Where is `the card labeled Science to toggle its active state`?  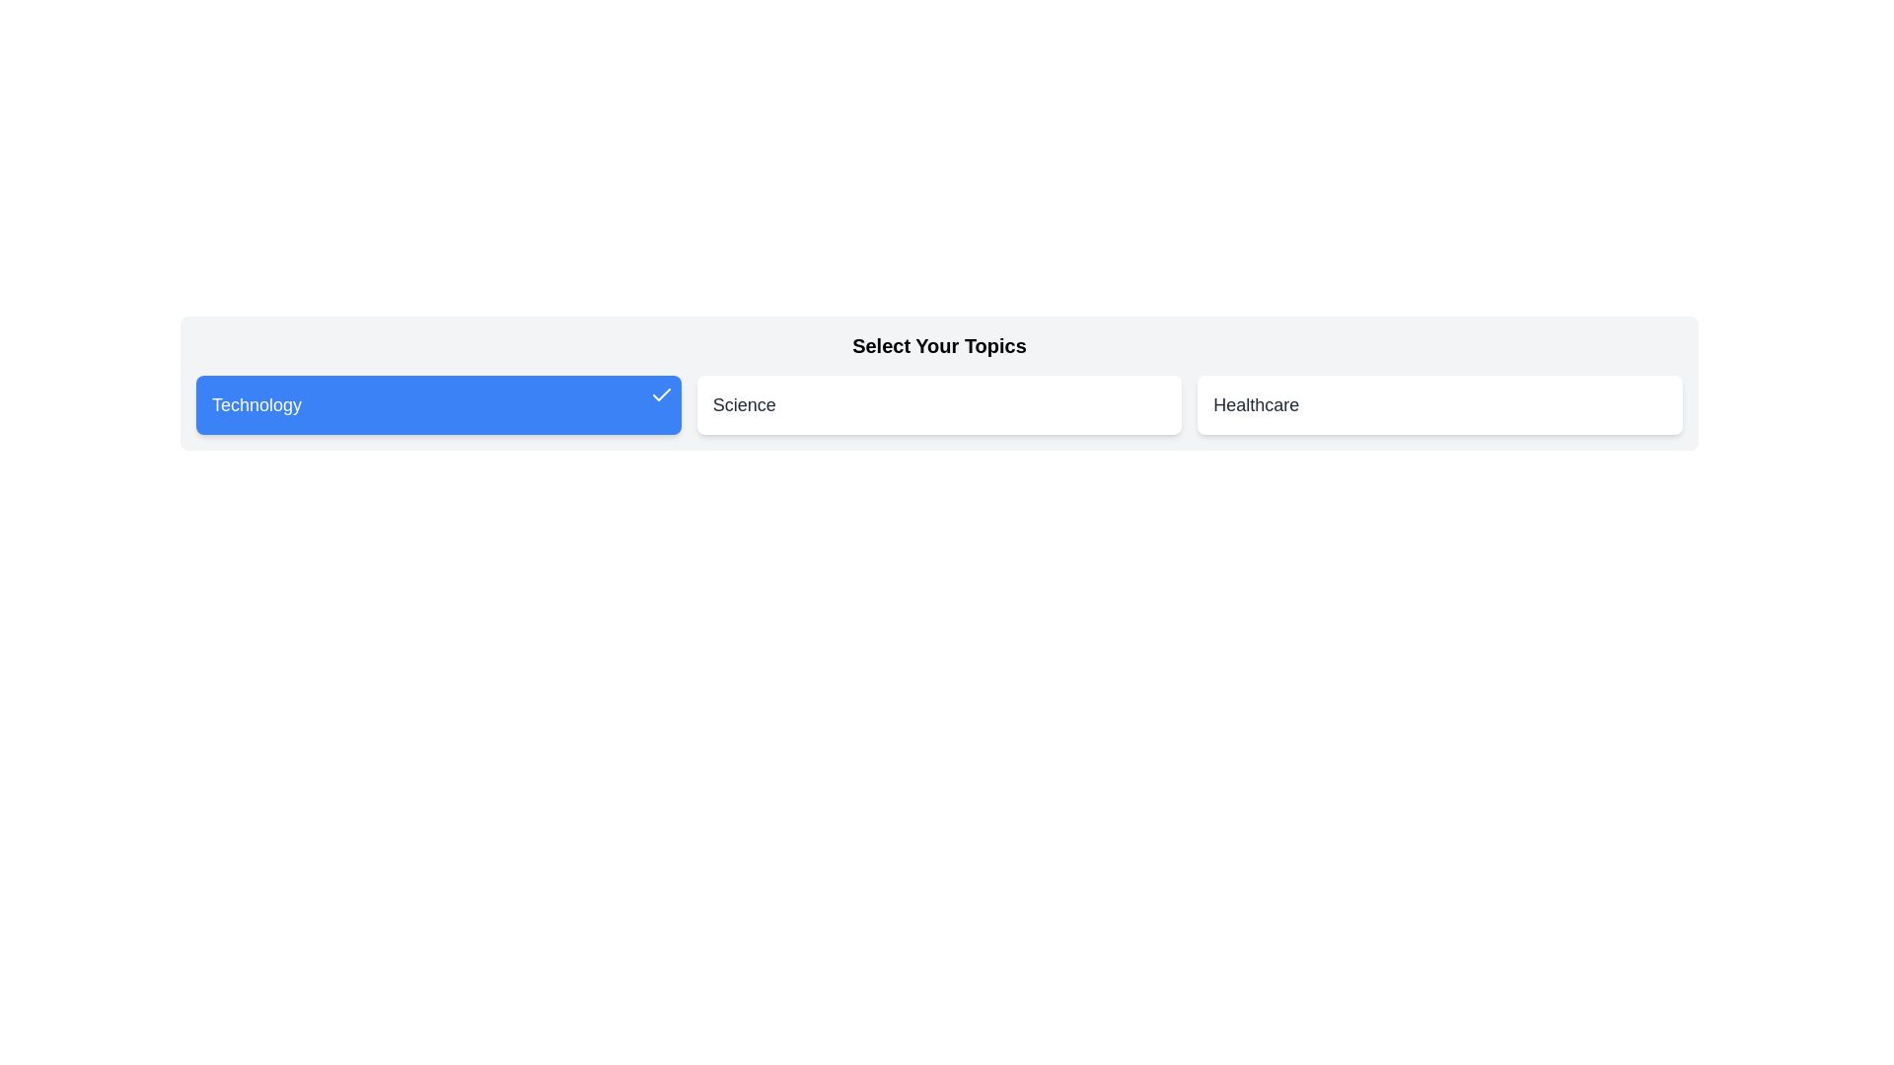 the card labeled Science to toggle its active state is located at coordinates (938, 404).